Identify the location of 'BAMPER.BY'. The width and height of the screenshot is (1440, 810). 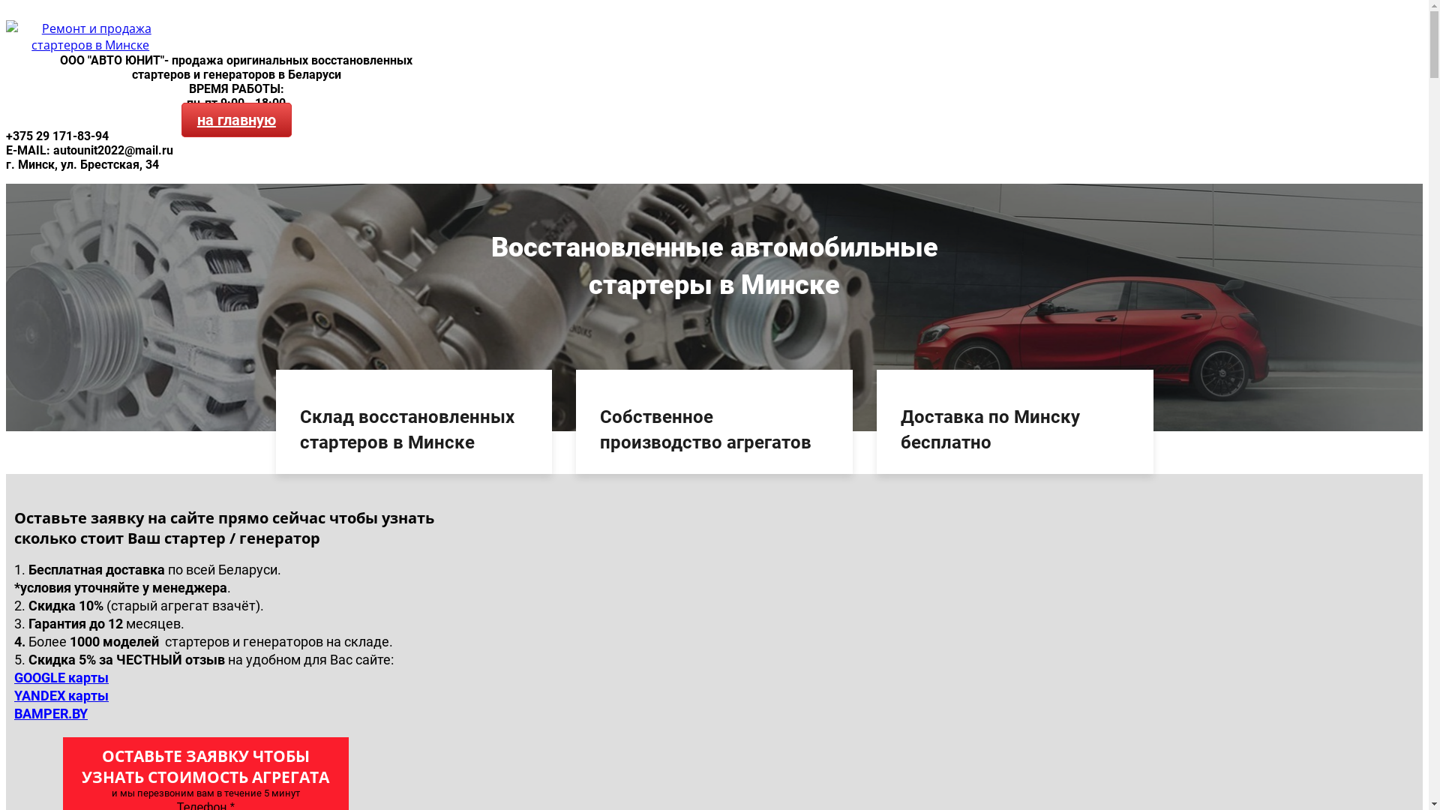
(50, 712).